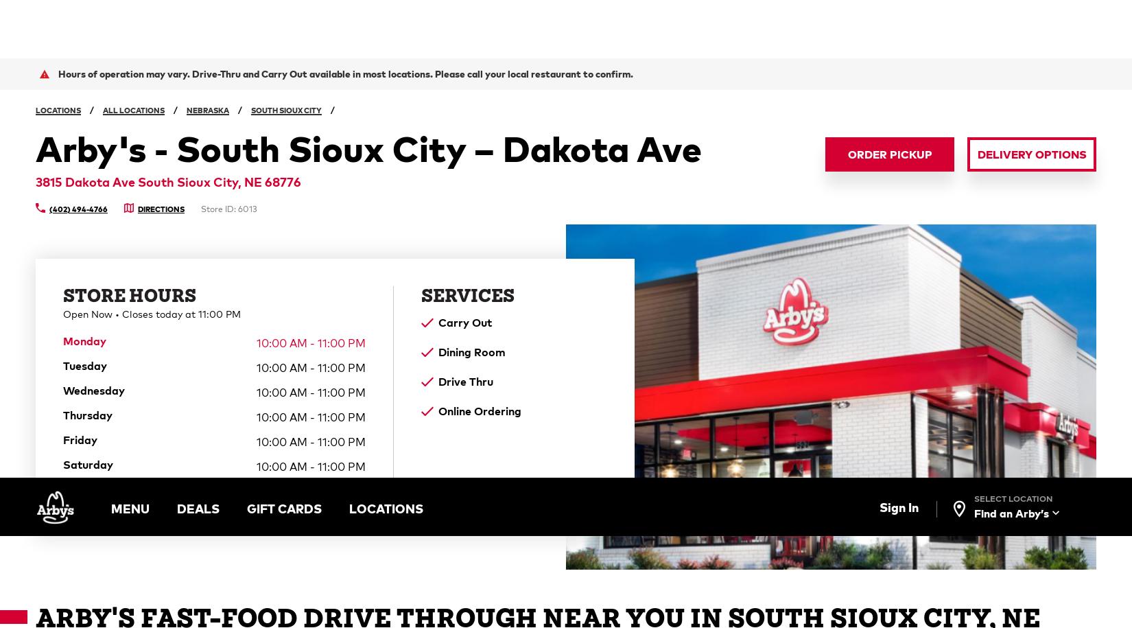 This screenshot has width=1132, height=628. I want to click on 'French Dip', so click(635, 220).